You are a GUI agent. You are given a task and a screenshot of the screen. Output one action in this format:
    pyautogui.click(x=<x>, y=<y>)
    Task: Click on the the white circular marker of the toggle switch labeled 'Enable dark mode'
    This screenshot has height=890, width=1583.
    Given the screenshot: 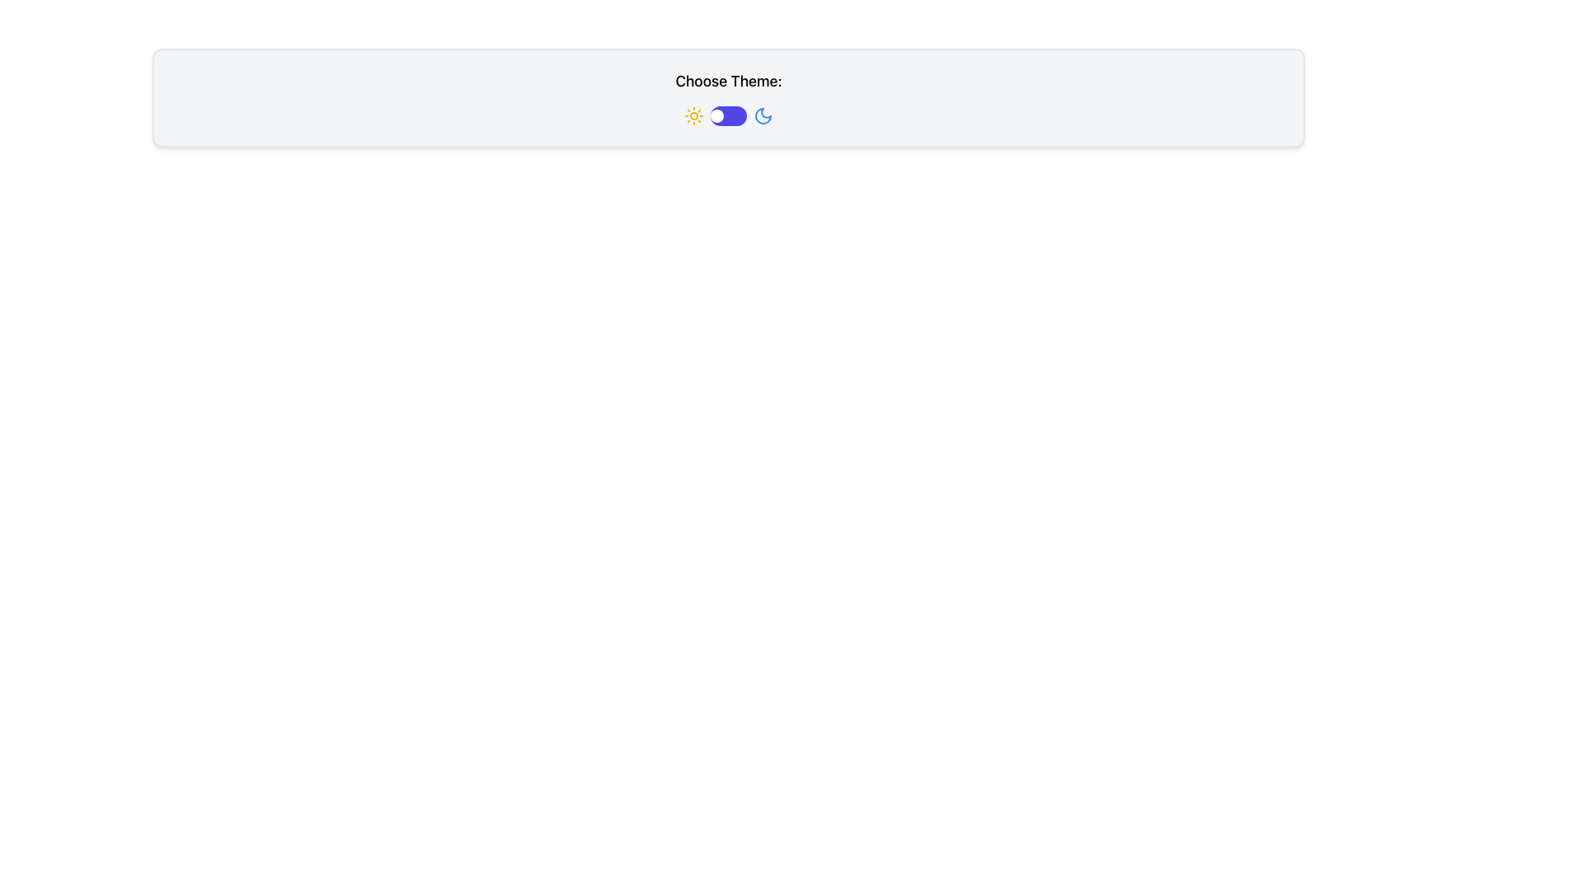 What is the action you would take?
    pyautogui.click(x=727, y=115)
    